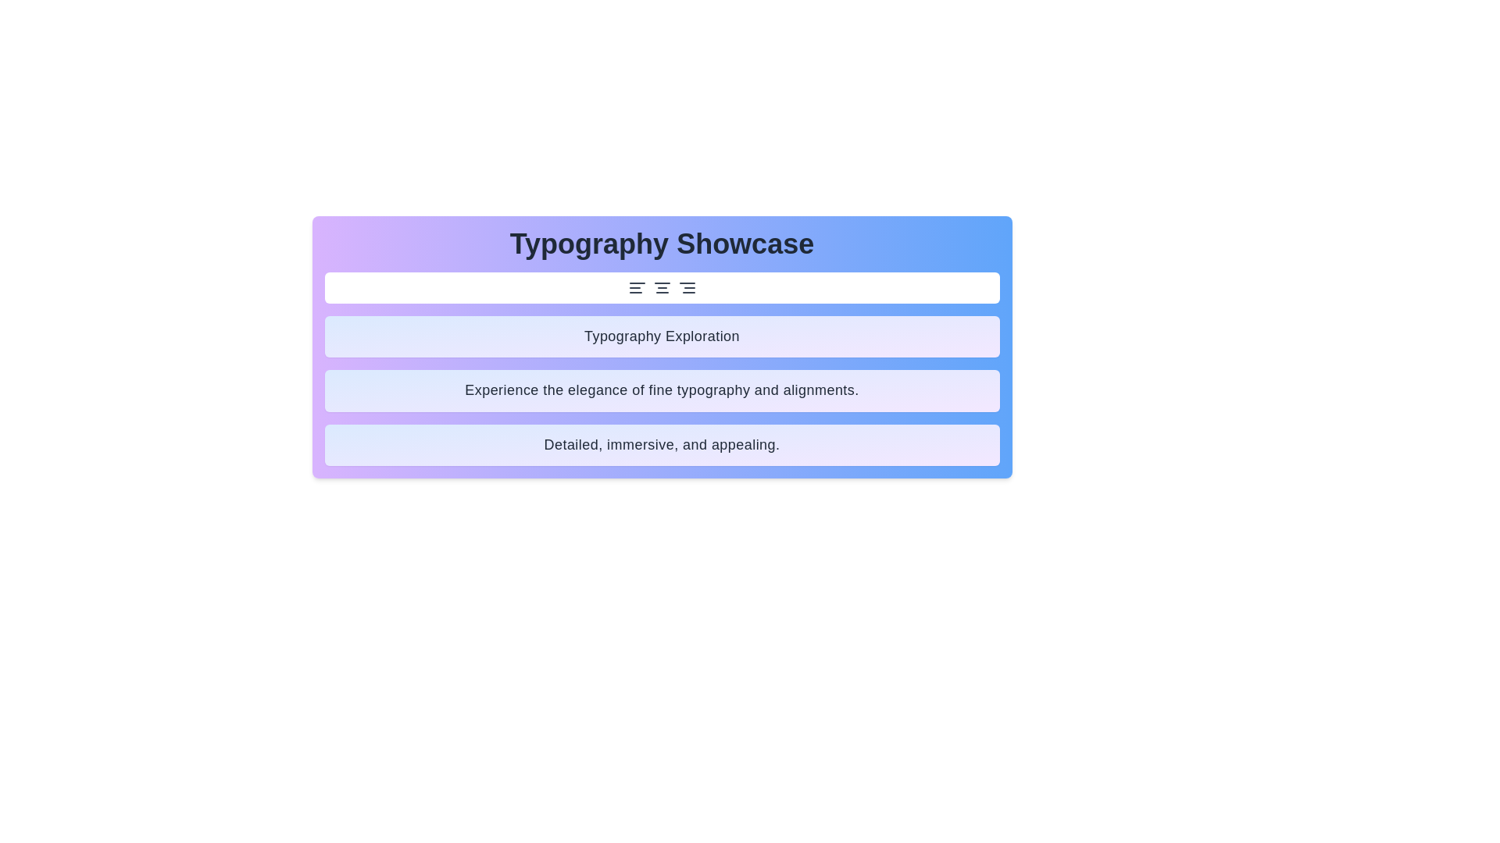  Describe the element at coordinates (662, 288) in the screenshot. I see `the center alignment icon within the 'Typography Showcase' section to center-align text` at that location.